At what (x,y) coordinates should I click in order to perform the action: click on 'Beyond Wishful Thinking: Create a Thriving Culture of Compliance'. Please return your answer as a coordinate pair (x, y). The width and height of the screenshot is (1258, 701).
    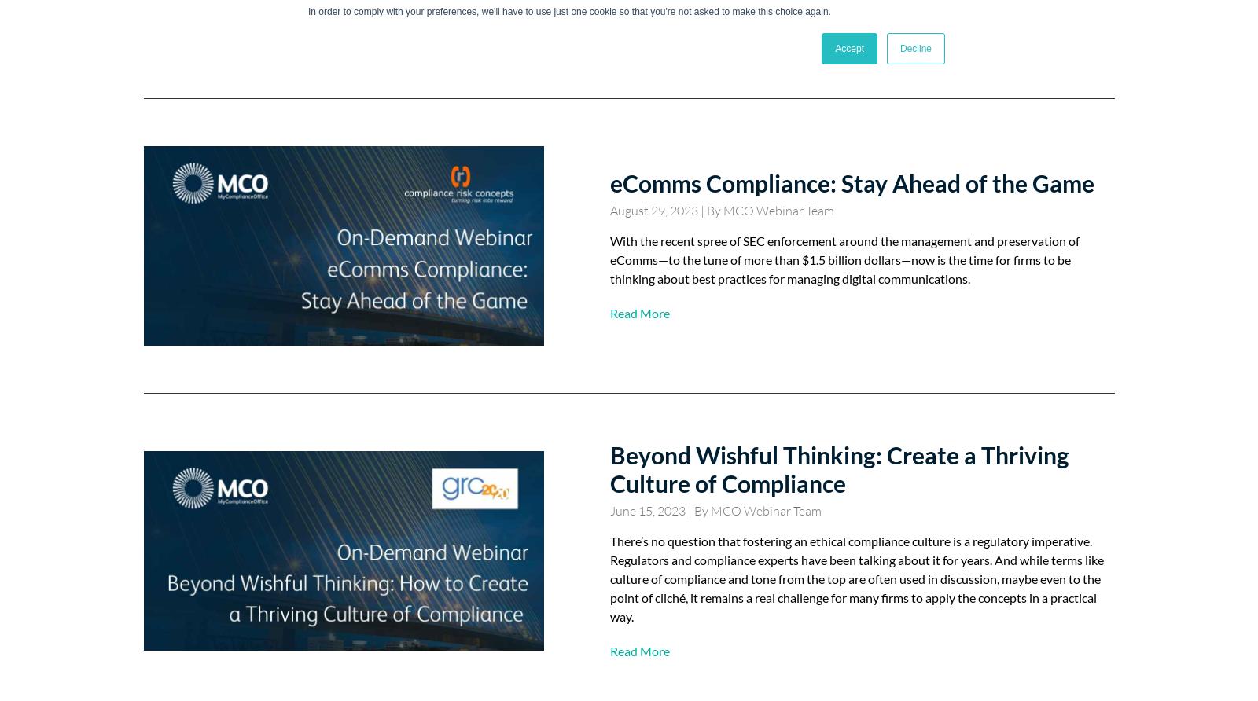
    Looking at the image, I should click on (839, 468).